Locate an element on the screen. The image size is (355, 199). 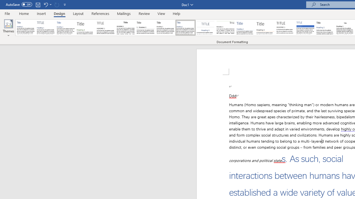
'Can' is located at coordinates (57, 4).